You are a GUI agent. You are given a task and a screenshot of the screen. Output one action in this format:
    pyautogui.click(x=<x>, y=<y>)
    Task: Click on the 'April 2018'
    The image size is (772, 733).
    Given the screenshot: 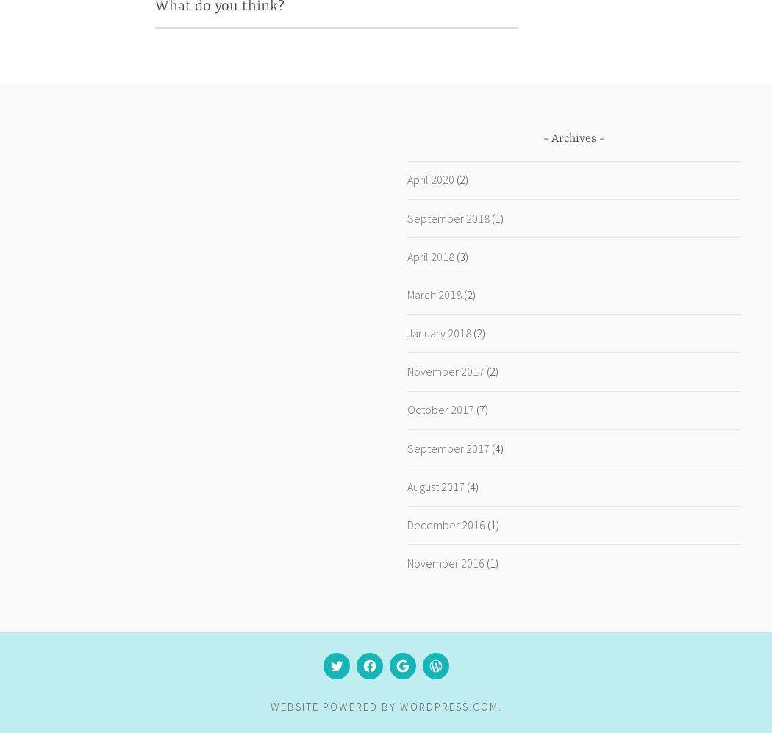 What is the action you would take?
    pyautogui.click(x=429, y=254)
    